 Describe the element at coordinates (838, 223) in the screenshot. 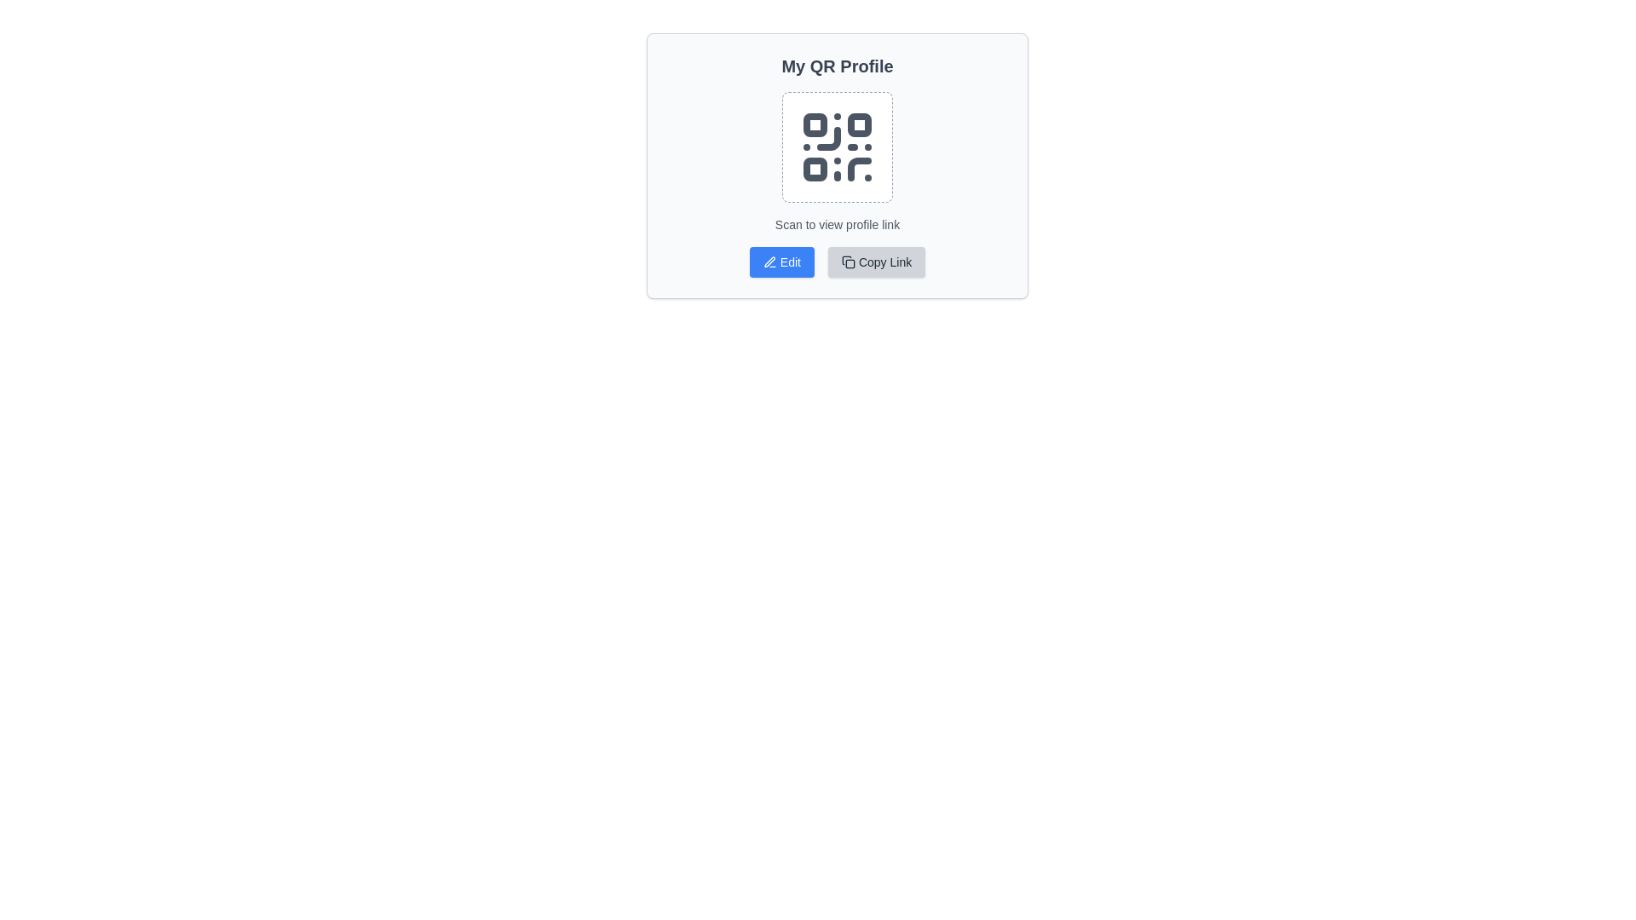

I see `the static text label that provides instructions for the QR code, located directly below the QR code graphic in the 'My QR Profile' card layout` at that location.